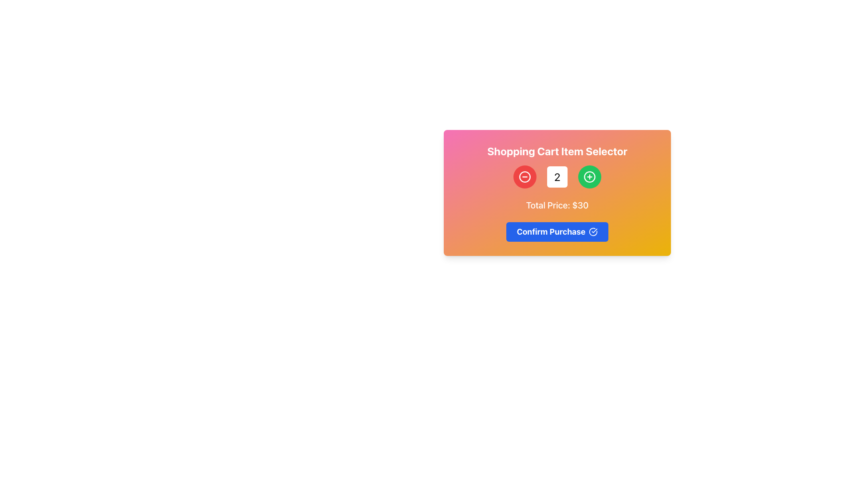  What do you see at coordinates (557, 177) in the screenshot?
I see `the label displaying the number '2', which has a white background and is located centrally between a red circular button on the left and a green circular button on the right` at bounding box center [557, 177].